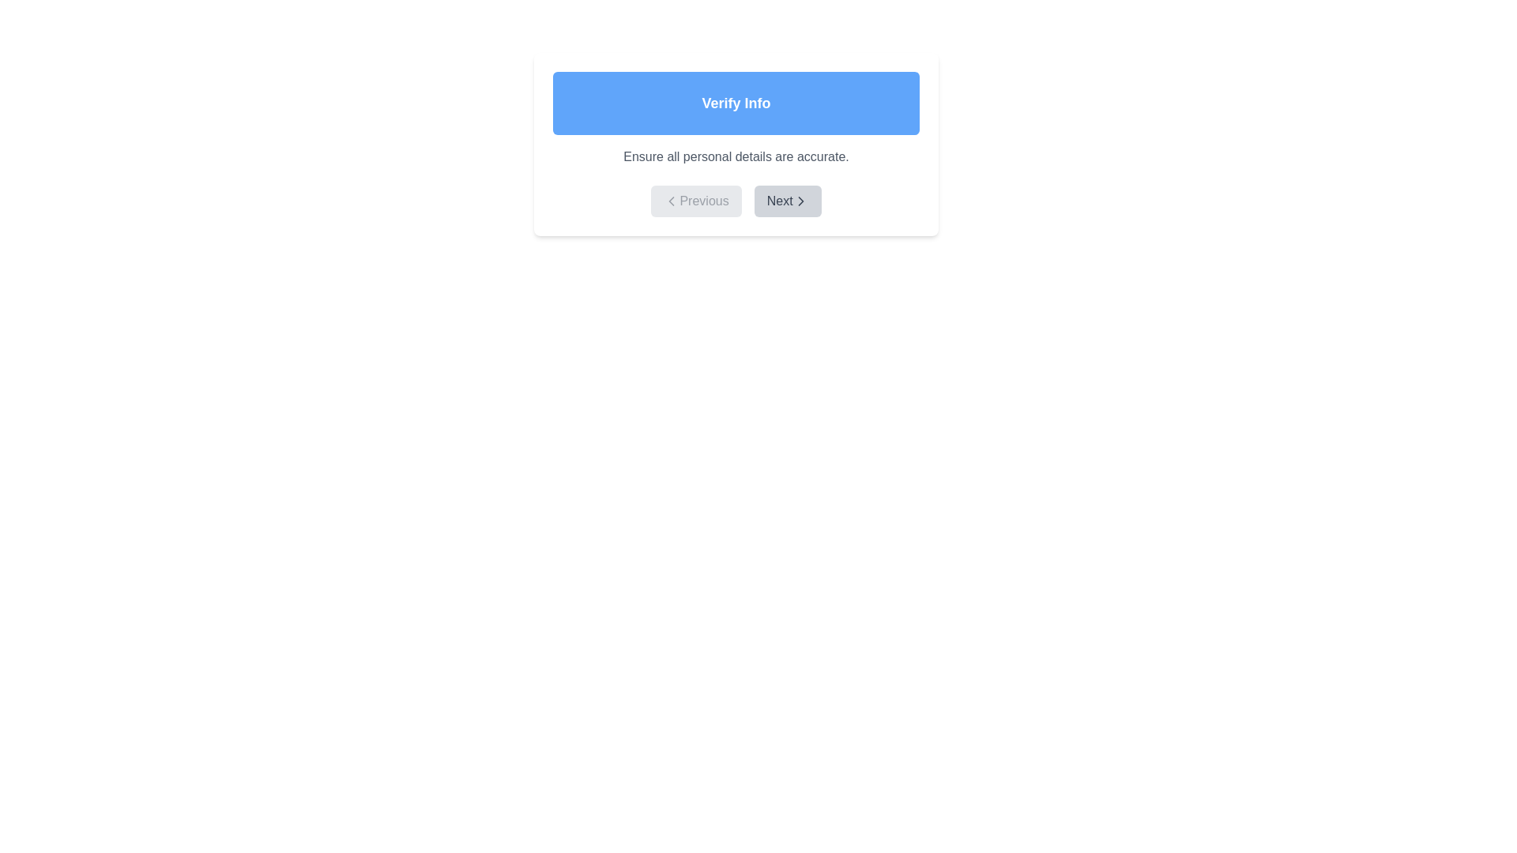 Image resolution: width=1517 pixels, height=853 pixels. Describe the element at coordinates (735, 157) in the screenshot. I see `the informational Text label located below the 'Verify Info' blue button and above the 'Previous' and 'Next' buttons, which is centrally aligned in a white rounded rectangle card` at that location.